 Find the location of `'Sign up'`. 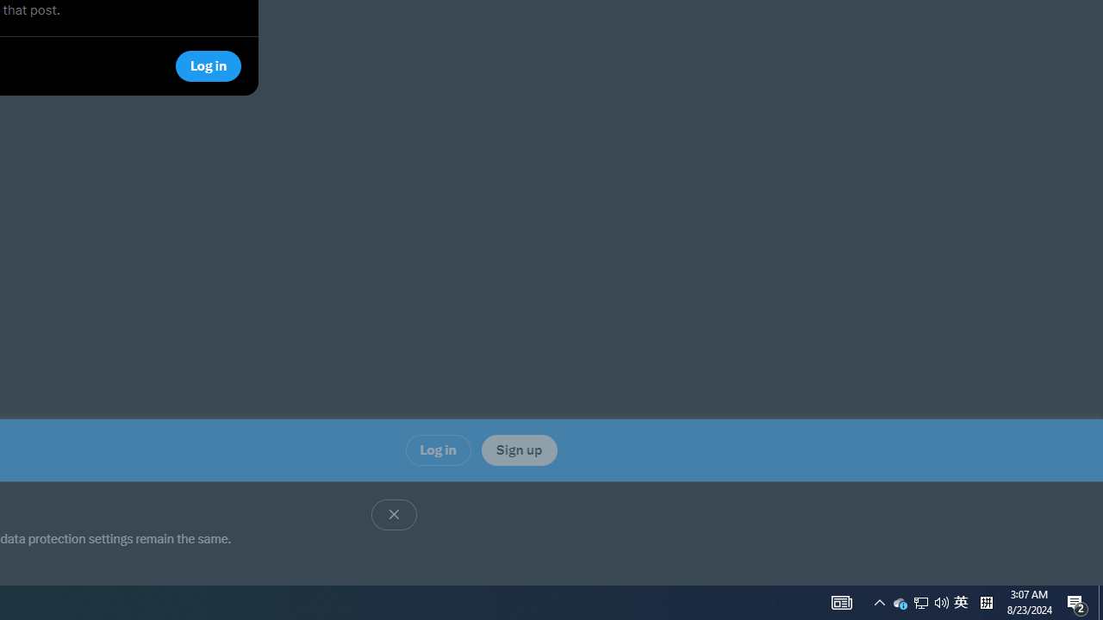

'Sign up' is located at coordinates (518, 449).